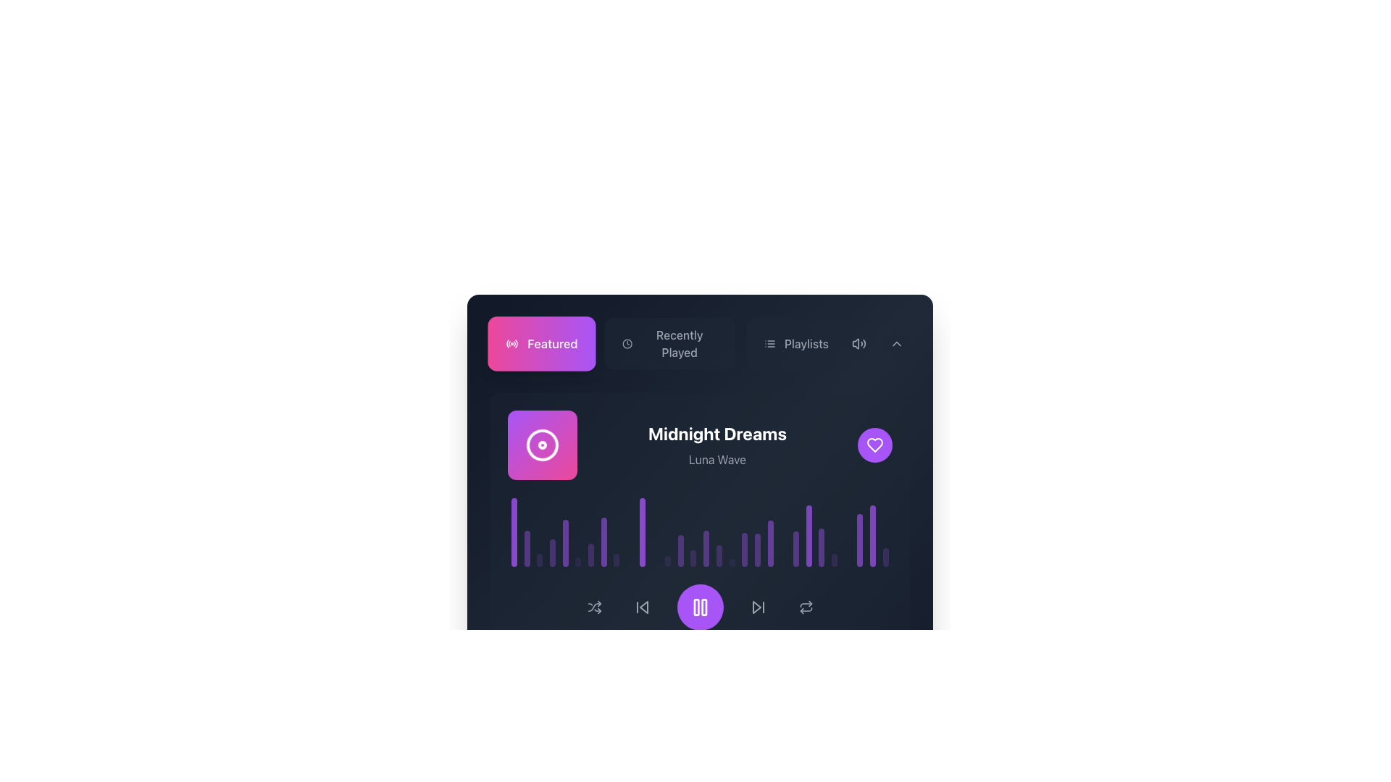 The width and height of the screenshot is (1391, 782). Describe the element at coordinates (594, 607) in the screenshot. I see `the shuffle button located in the lower-right corner of the playback controls section` at that location.